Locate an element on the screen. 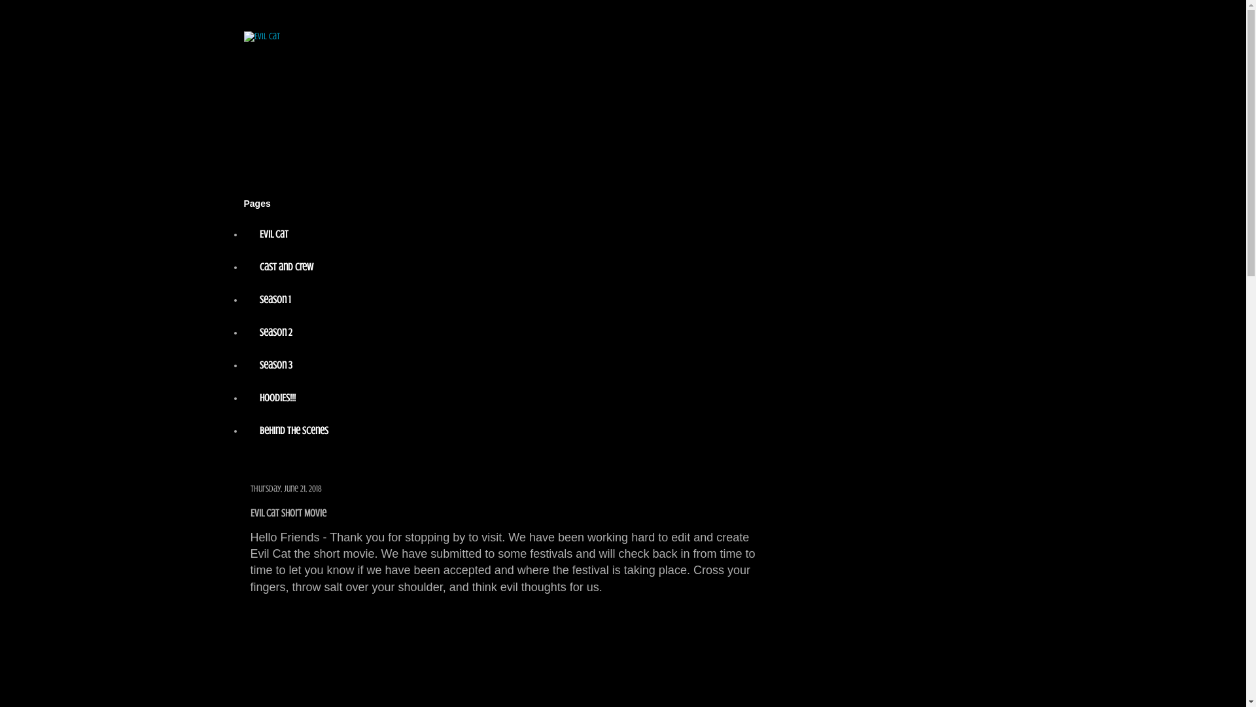 This screenshot has width=1256, height=707. 'Evil Cat' is located at coordinates (243, 234).